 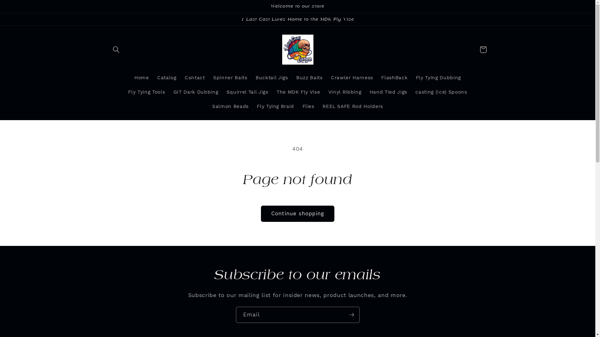 I want to click on 'casting (Ice) Spoons', so click(x=441, y=92).